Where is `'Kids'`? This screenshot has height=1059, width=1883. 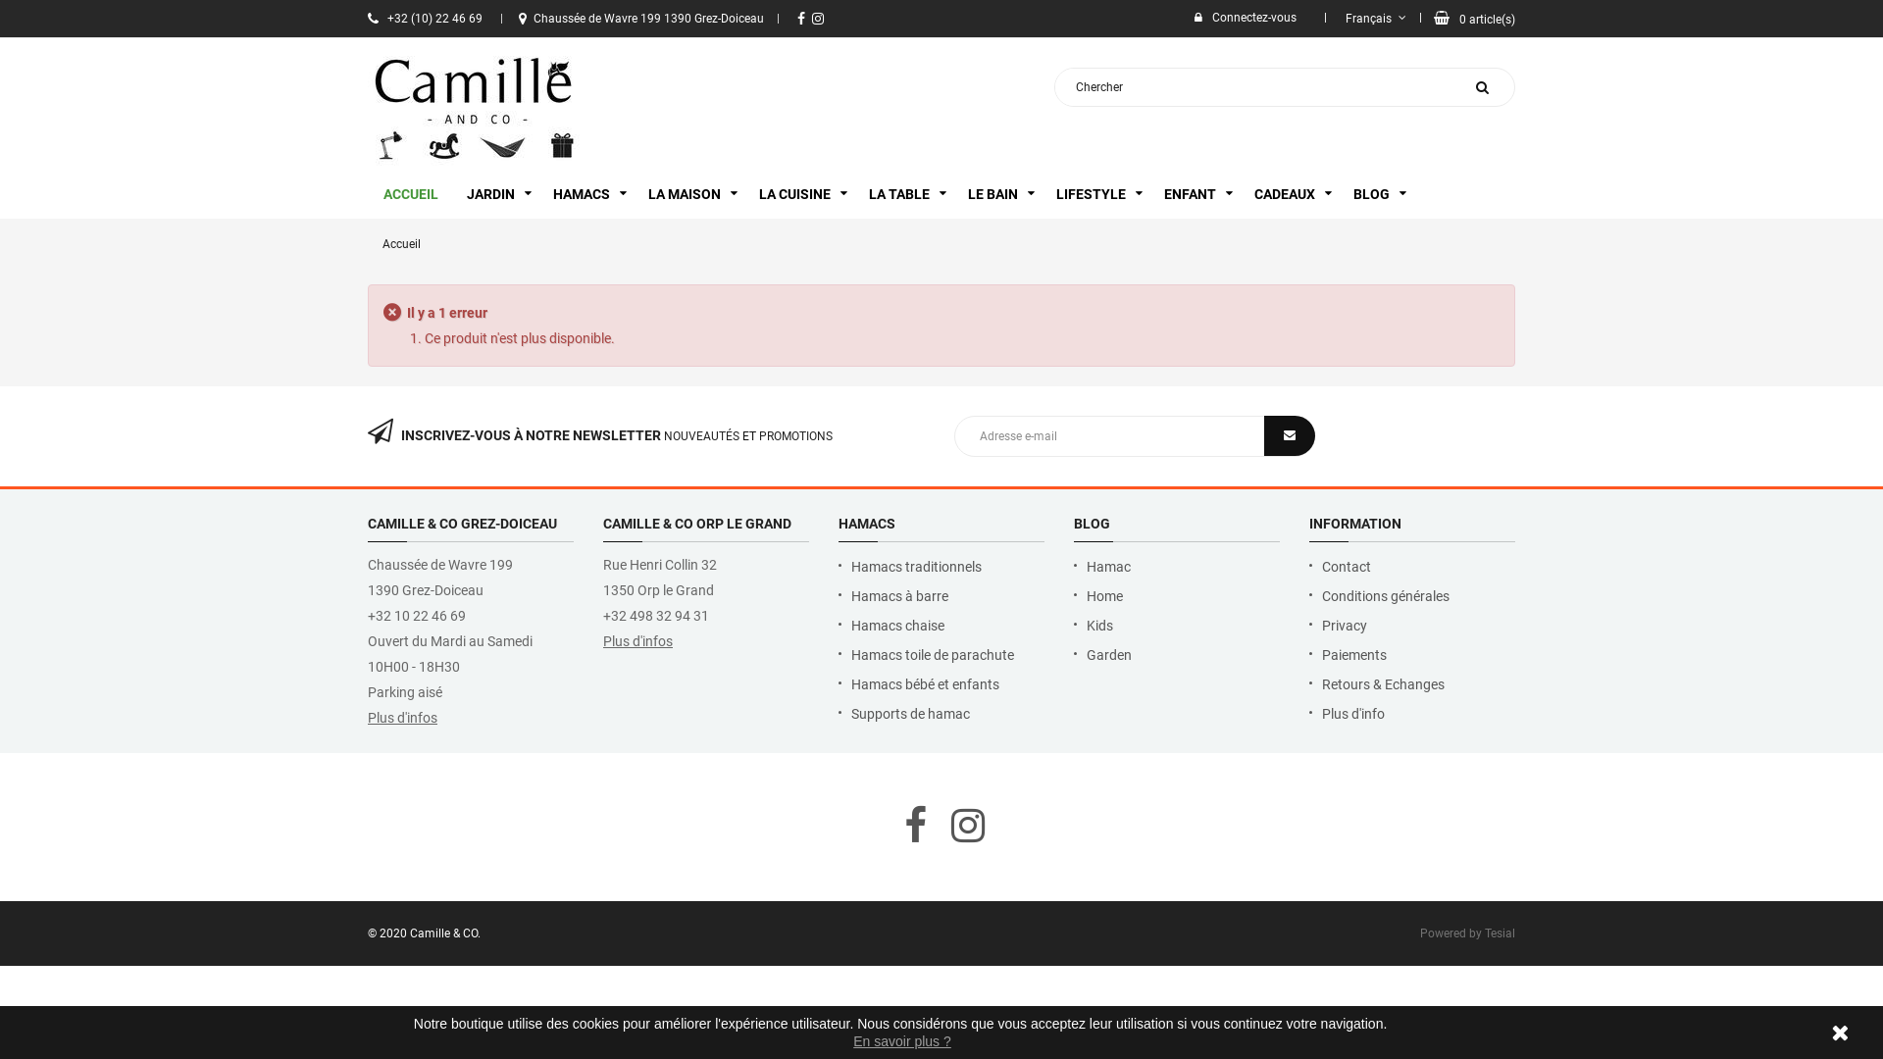 'Kids' is located at coordinates (1177, 625).